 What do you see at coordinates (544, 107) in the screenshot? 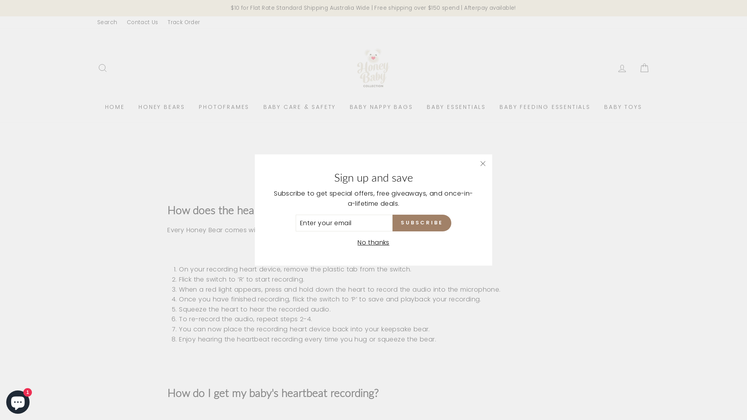
I see `'BABY FEEDING ESSENTIALS'` at bounding box center [544, 107].